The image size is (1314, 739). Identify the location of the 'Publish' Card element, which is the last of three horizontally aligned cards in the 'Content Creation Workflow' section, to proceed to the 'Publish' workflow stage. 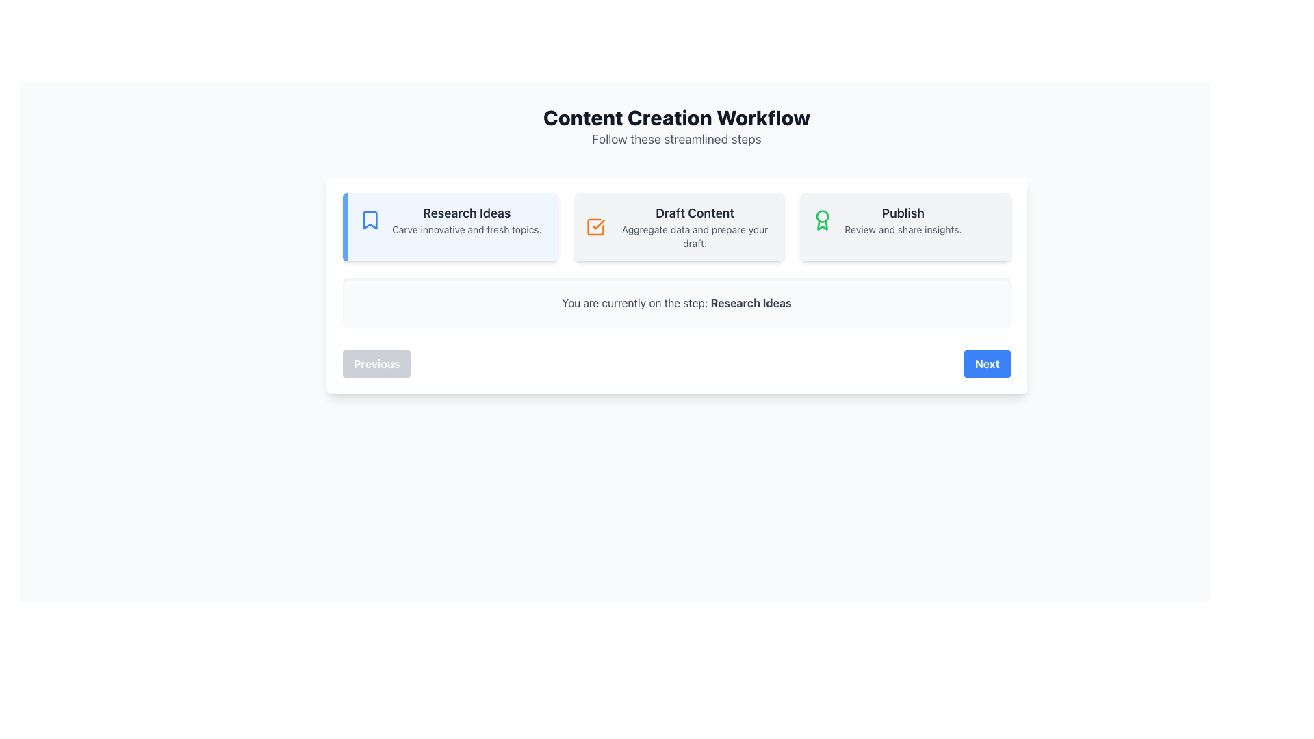
(905, 226).